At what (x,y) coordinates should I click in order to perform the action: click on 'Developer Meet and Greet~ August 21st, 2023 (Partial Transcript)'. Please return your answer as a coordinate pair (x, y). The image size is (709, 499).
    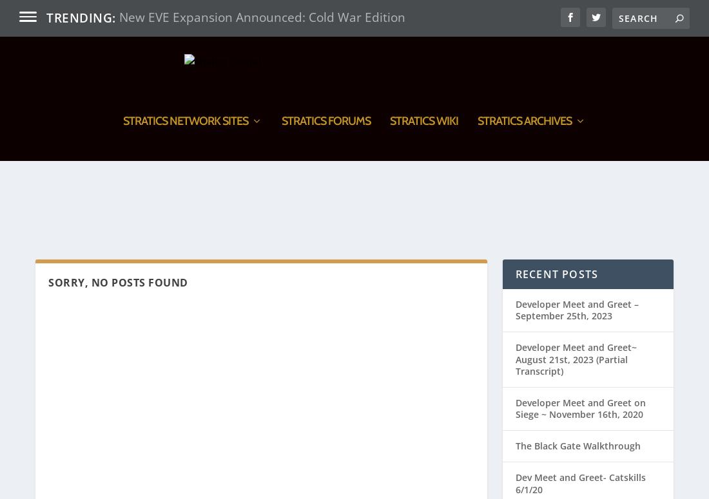
    Looking at the image, I should click on (574, 288).